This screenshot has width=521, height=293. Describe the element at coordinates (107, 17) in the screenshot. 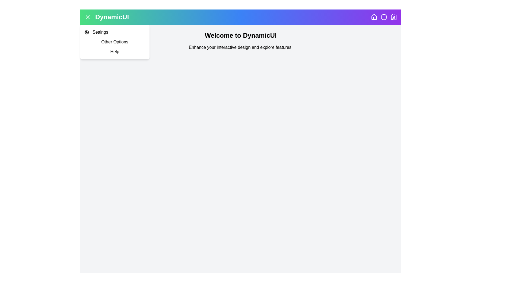

I see `the Static text label displaying 'DynamicUI' located in the upper-left section of the application header, positioned to the right of the close (X) button` at that location.